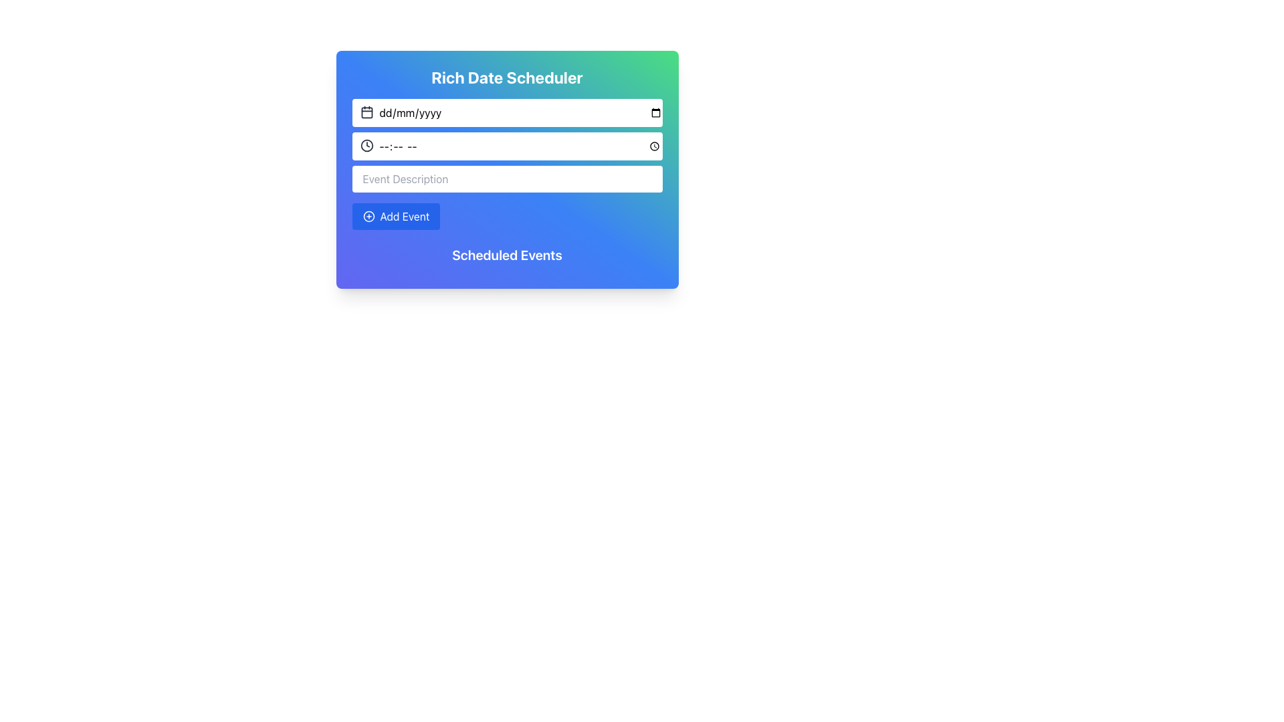  Describe the element at coordinates (366, 112) in the screenshot. I see `the calendar icon located to the left of the 'dd/mm/yyyy' input field, which features crisp black lines on a white background` at that location.